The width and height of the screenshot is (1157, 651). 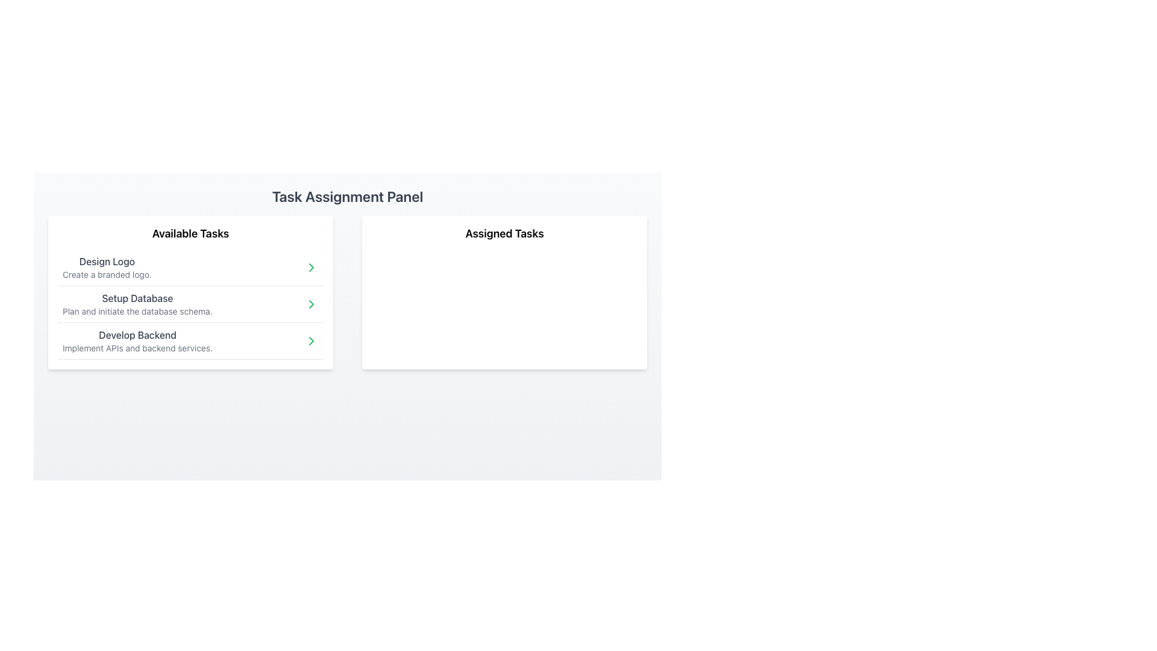 I want to click on the 'Develop Backend' text block in the 'Available Tasks' section, so click(x=137, y=341).